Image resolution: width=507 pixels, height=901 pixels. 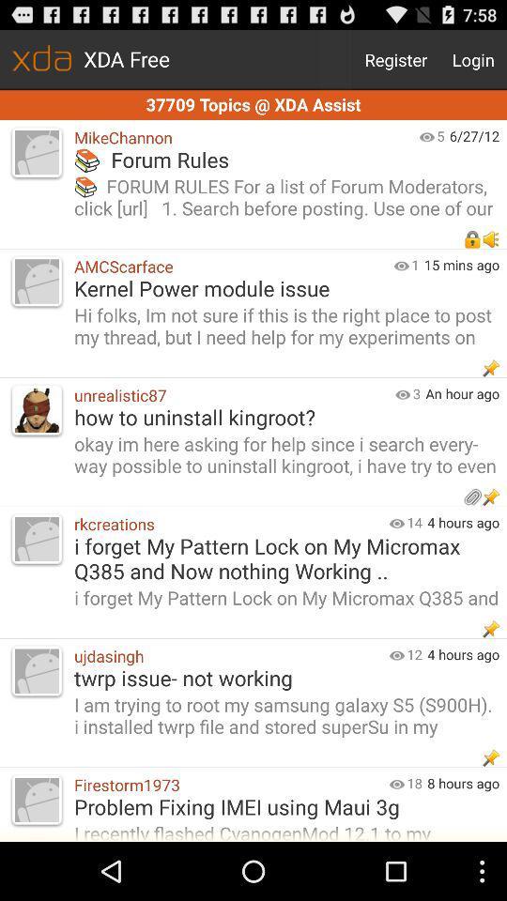 What do you see at coordinates (253, 105) in the screenshot?
I see `the 37709 topics xda` at bounding box center [253, 105].